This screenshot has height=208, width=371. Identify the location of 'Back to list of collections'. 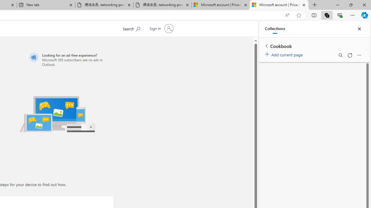
(266, 46).